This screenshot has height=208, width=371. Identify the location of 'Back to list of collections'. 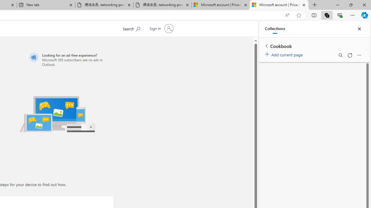
(266, 46).